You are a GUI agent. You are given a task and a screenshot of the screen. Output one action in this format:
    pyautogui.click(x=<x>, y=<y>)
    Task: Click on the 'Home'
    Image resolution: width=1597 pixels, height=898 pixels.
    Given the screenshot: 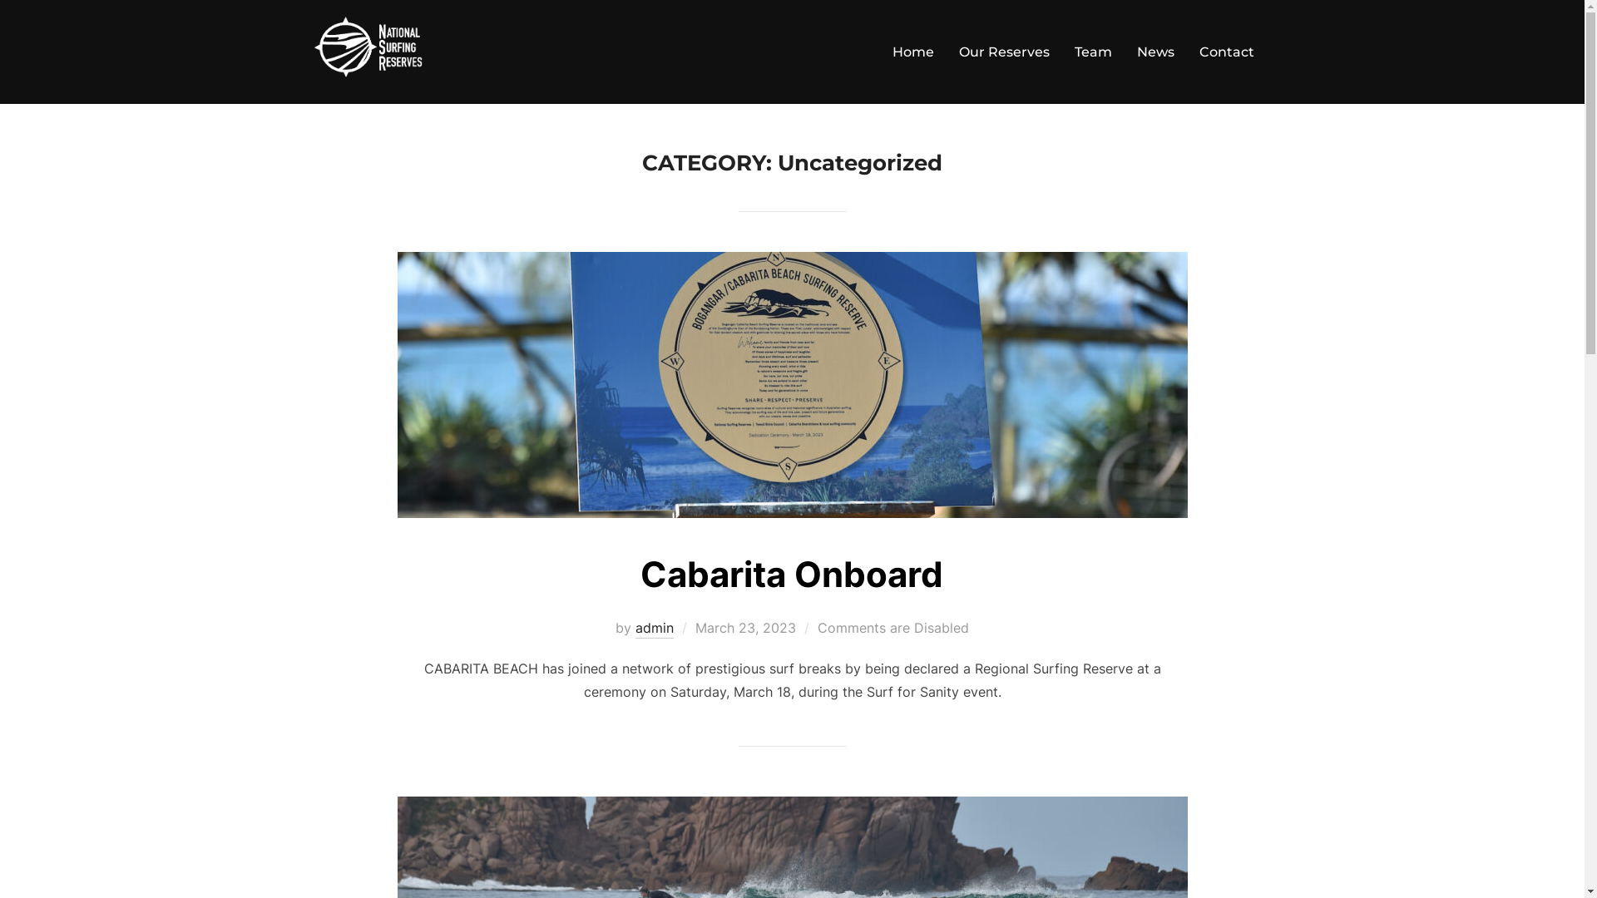 What is the action you would take?
    pyautogui.click(x=912, y=51)
    